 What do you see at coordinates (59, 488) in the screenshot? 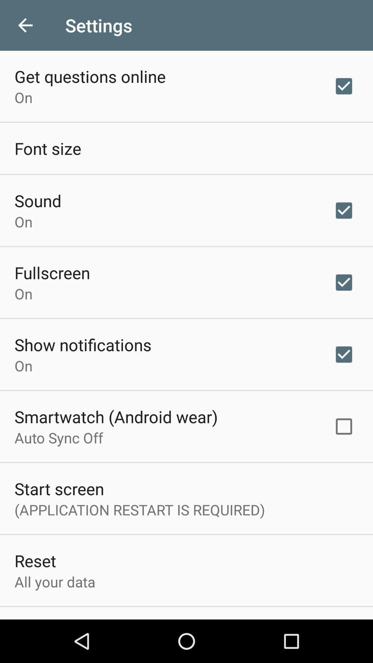
I see `the item below auto sync off` at bounding box center [59, 488].